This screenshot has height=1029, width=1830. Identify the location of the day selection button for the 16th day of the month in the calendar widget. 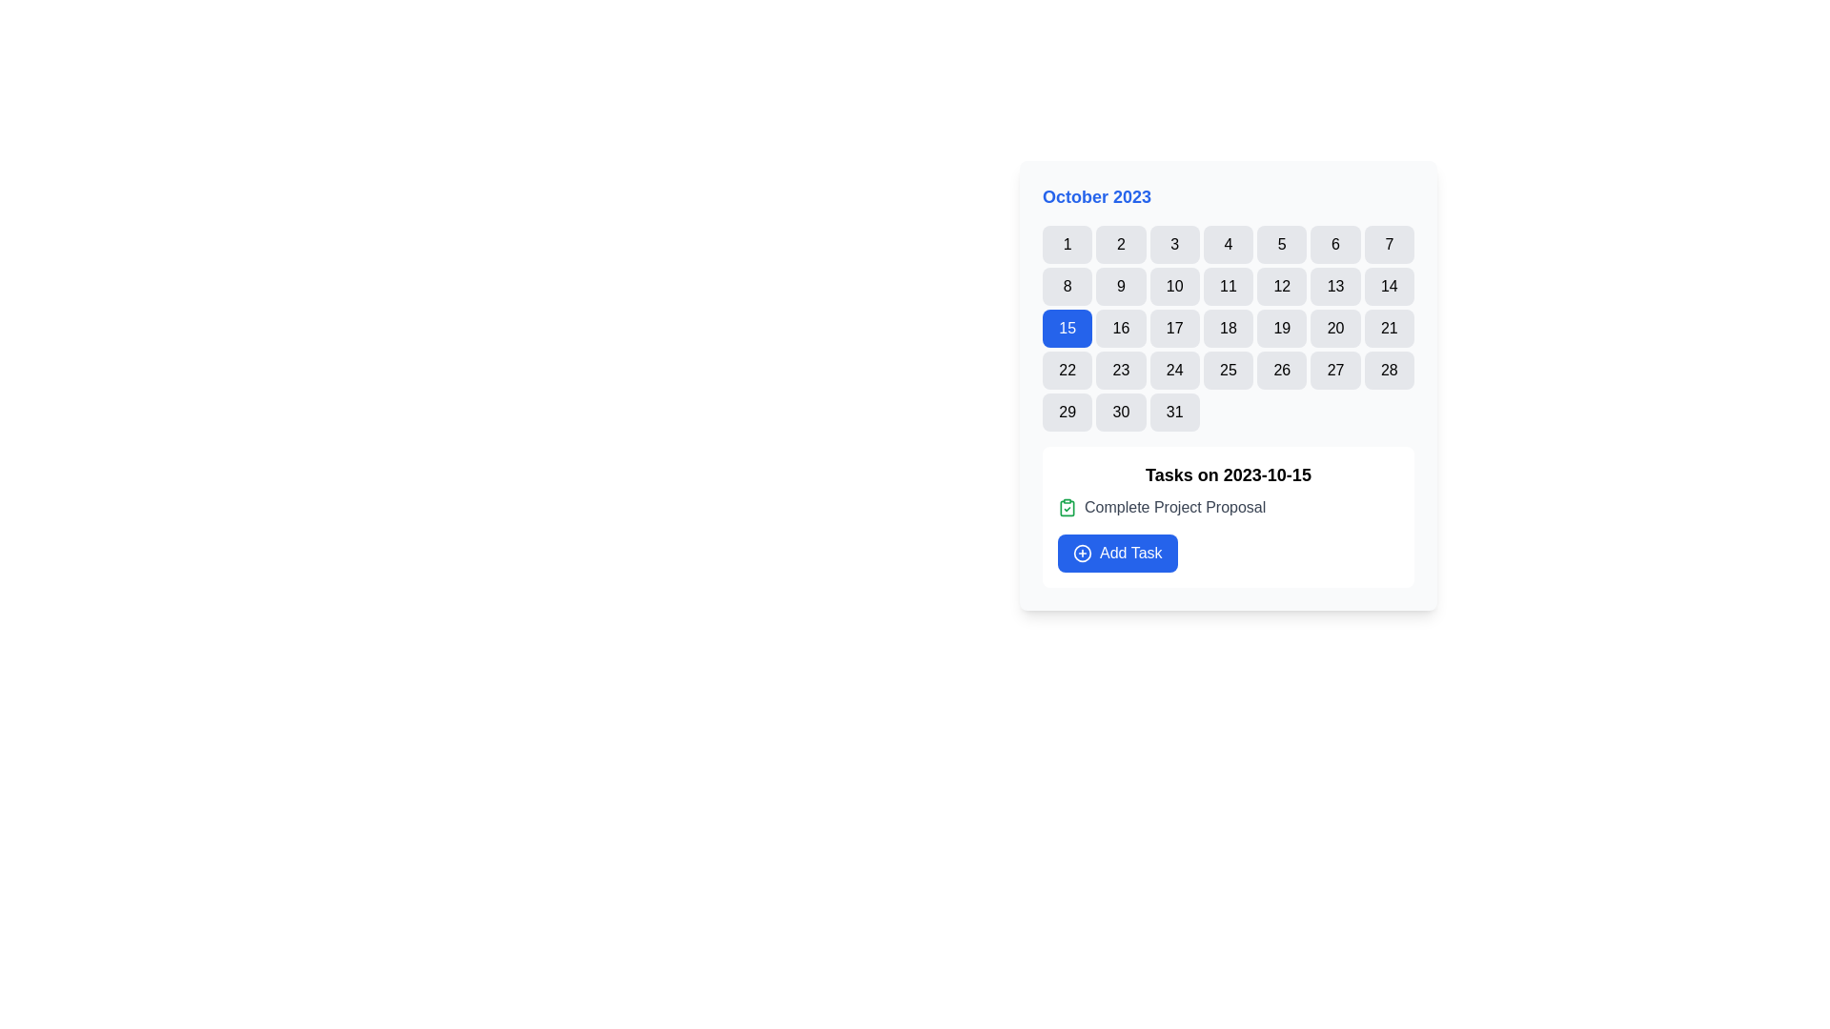
(1121, 327).